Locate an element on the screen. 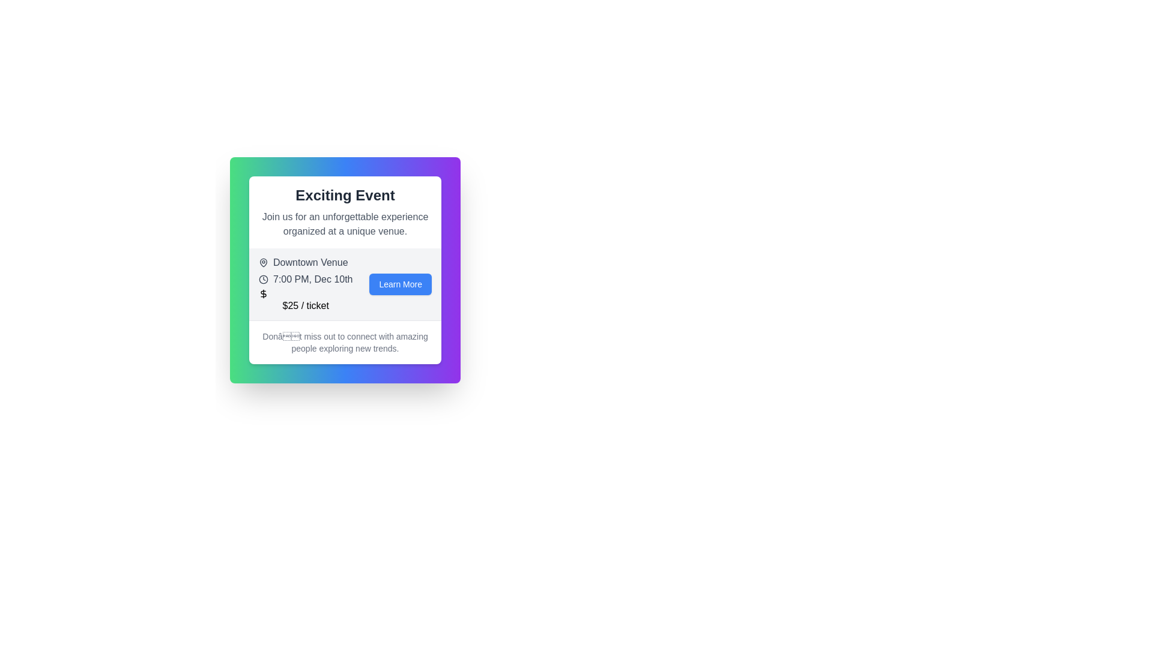 The width and height of the screenshot is (1153, 648). the bold text displaying 'Exciting Event' at the top of the information card is located at coordinates (345, 195).